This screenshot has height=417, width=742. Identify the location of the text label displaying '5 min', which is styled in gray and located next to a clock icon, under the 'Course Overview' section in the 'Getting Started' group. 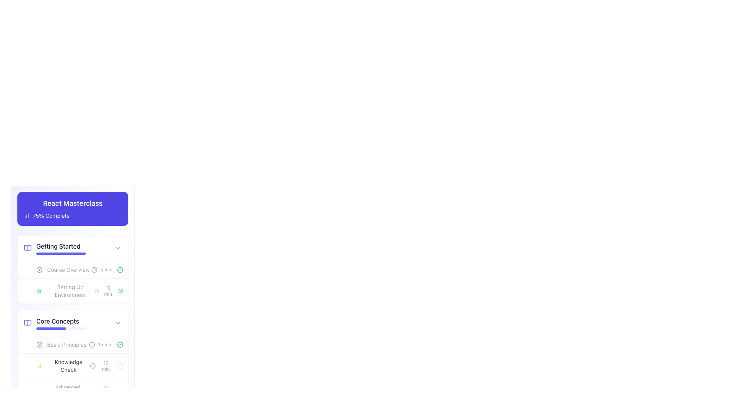
(106, 269).